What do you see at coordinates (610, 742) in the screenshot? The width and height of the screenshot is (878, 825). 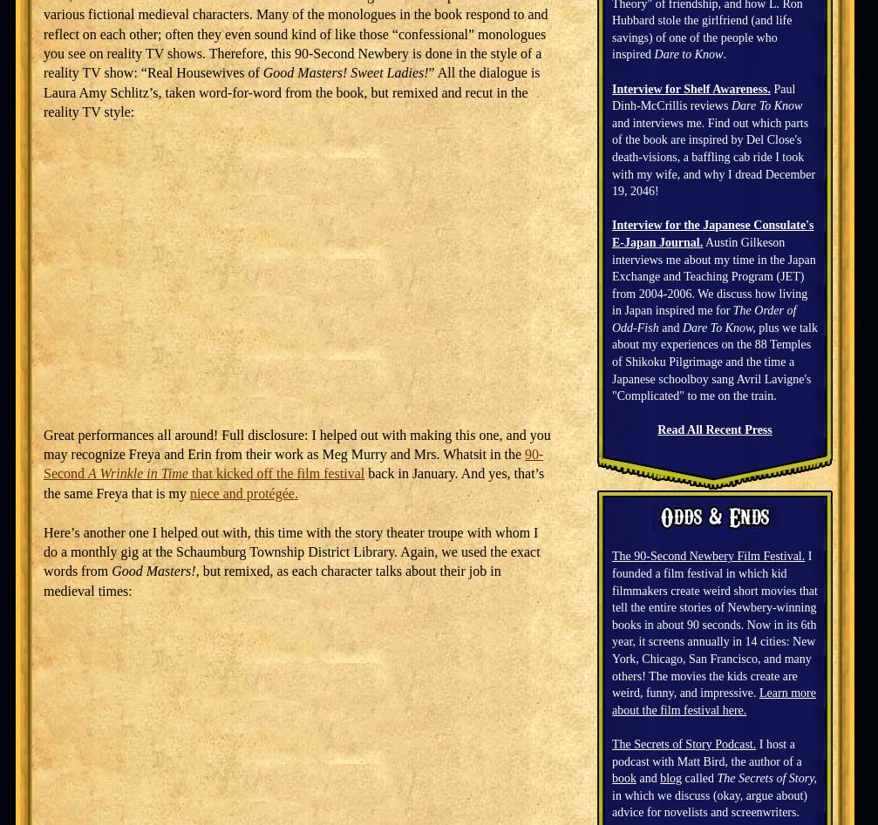 I see `'The Secrets of Story Podcast.'` at bounding box center [610, 742].